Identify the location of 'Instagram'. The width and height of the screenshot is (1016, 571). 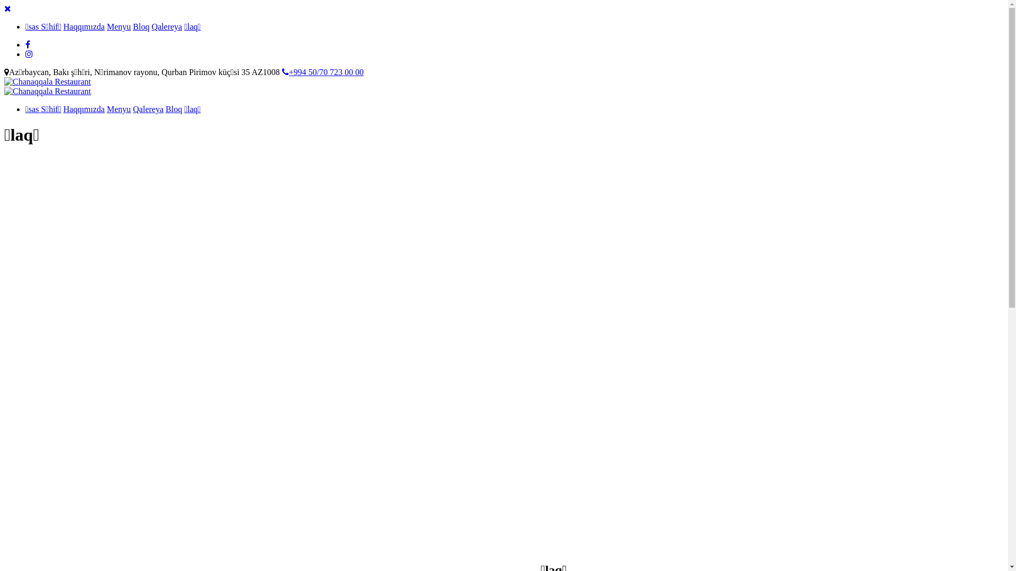
(29, 54).